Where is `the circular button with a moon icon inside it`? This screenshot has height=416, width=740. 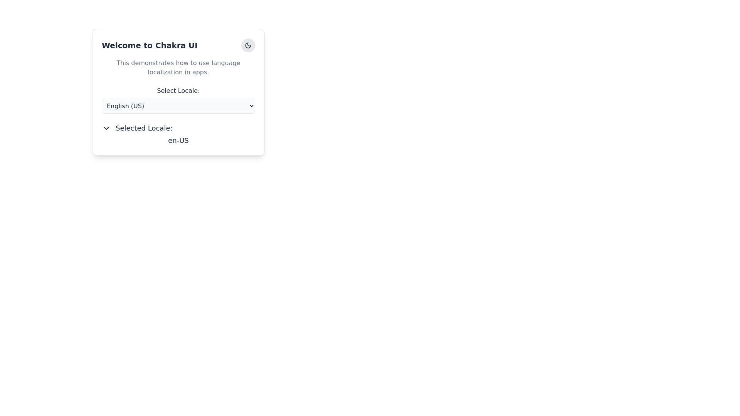
the circular button with a moon icon inside it is located at coordinates (248, 45).